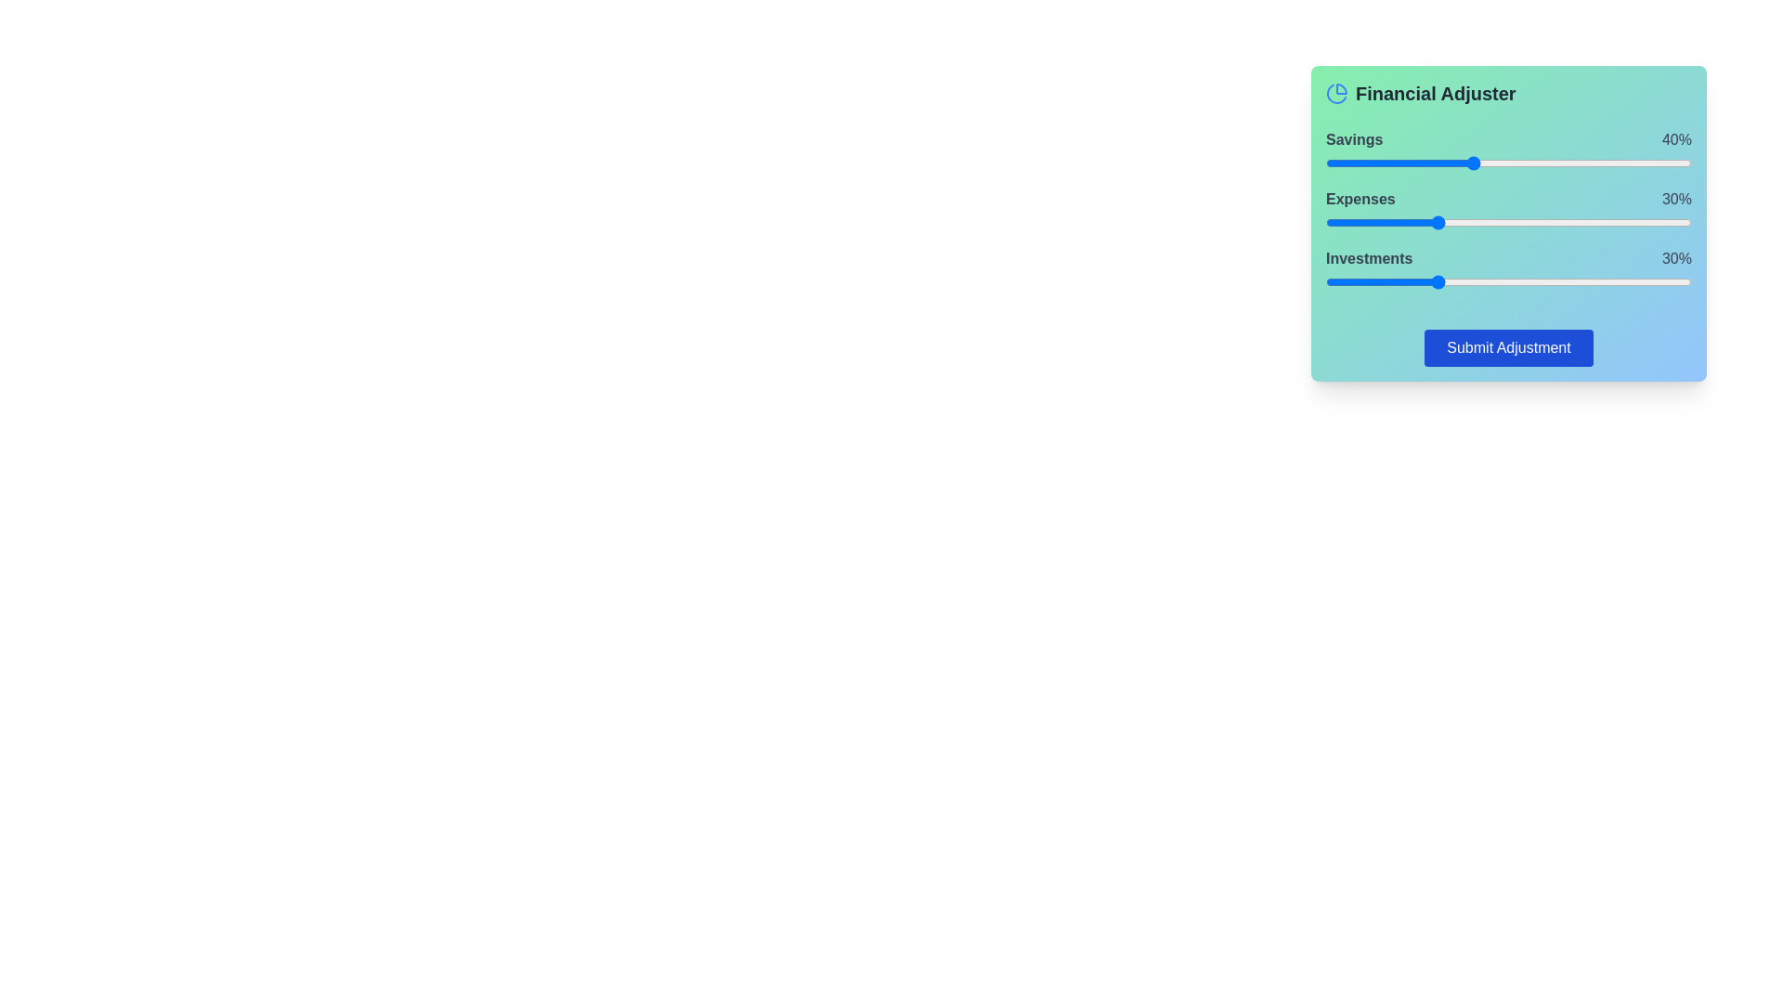  Describe the element at coordinates (1509, 347) in the screenshot. I see `'Submit Adjustment' button to finalize changes` at that location.